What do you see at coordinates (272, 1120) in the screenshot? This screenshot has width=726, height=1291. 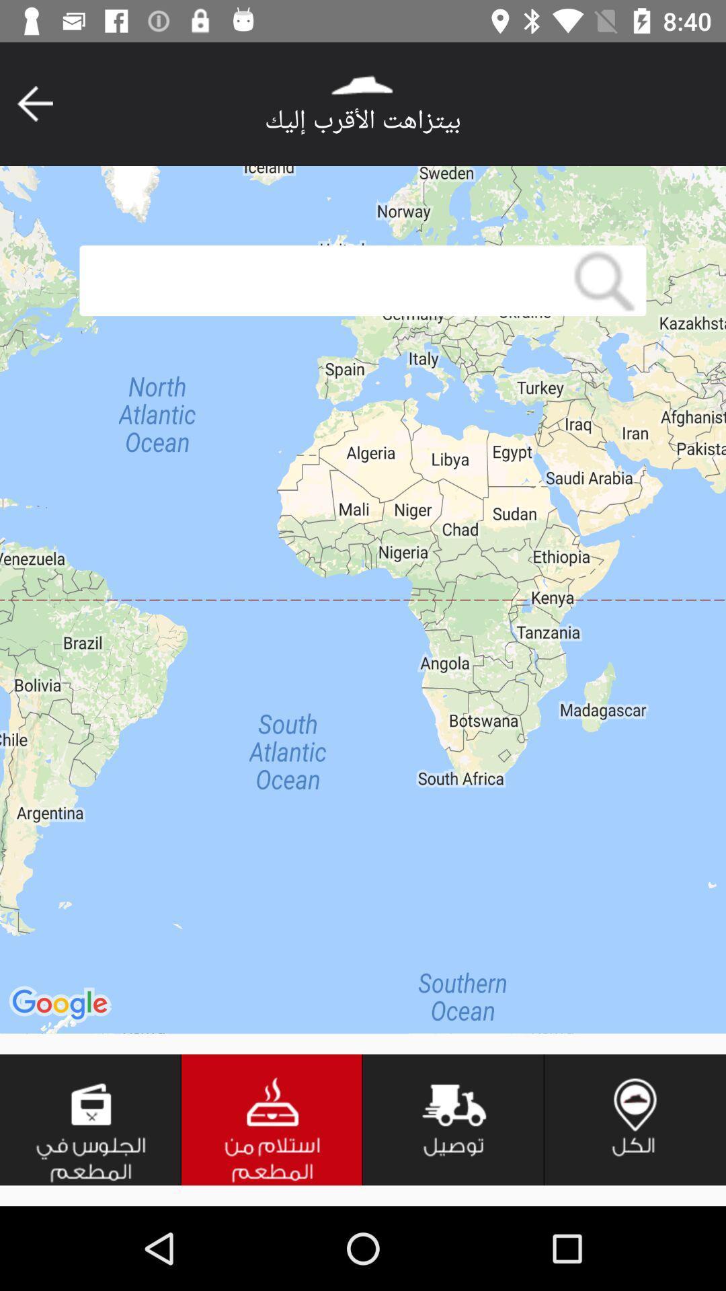 I see `choose pizza options` at bounding box center [272, 1120].